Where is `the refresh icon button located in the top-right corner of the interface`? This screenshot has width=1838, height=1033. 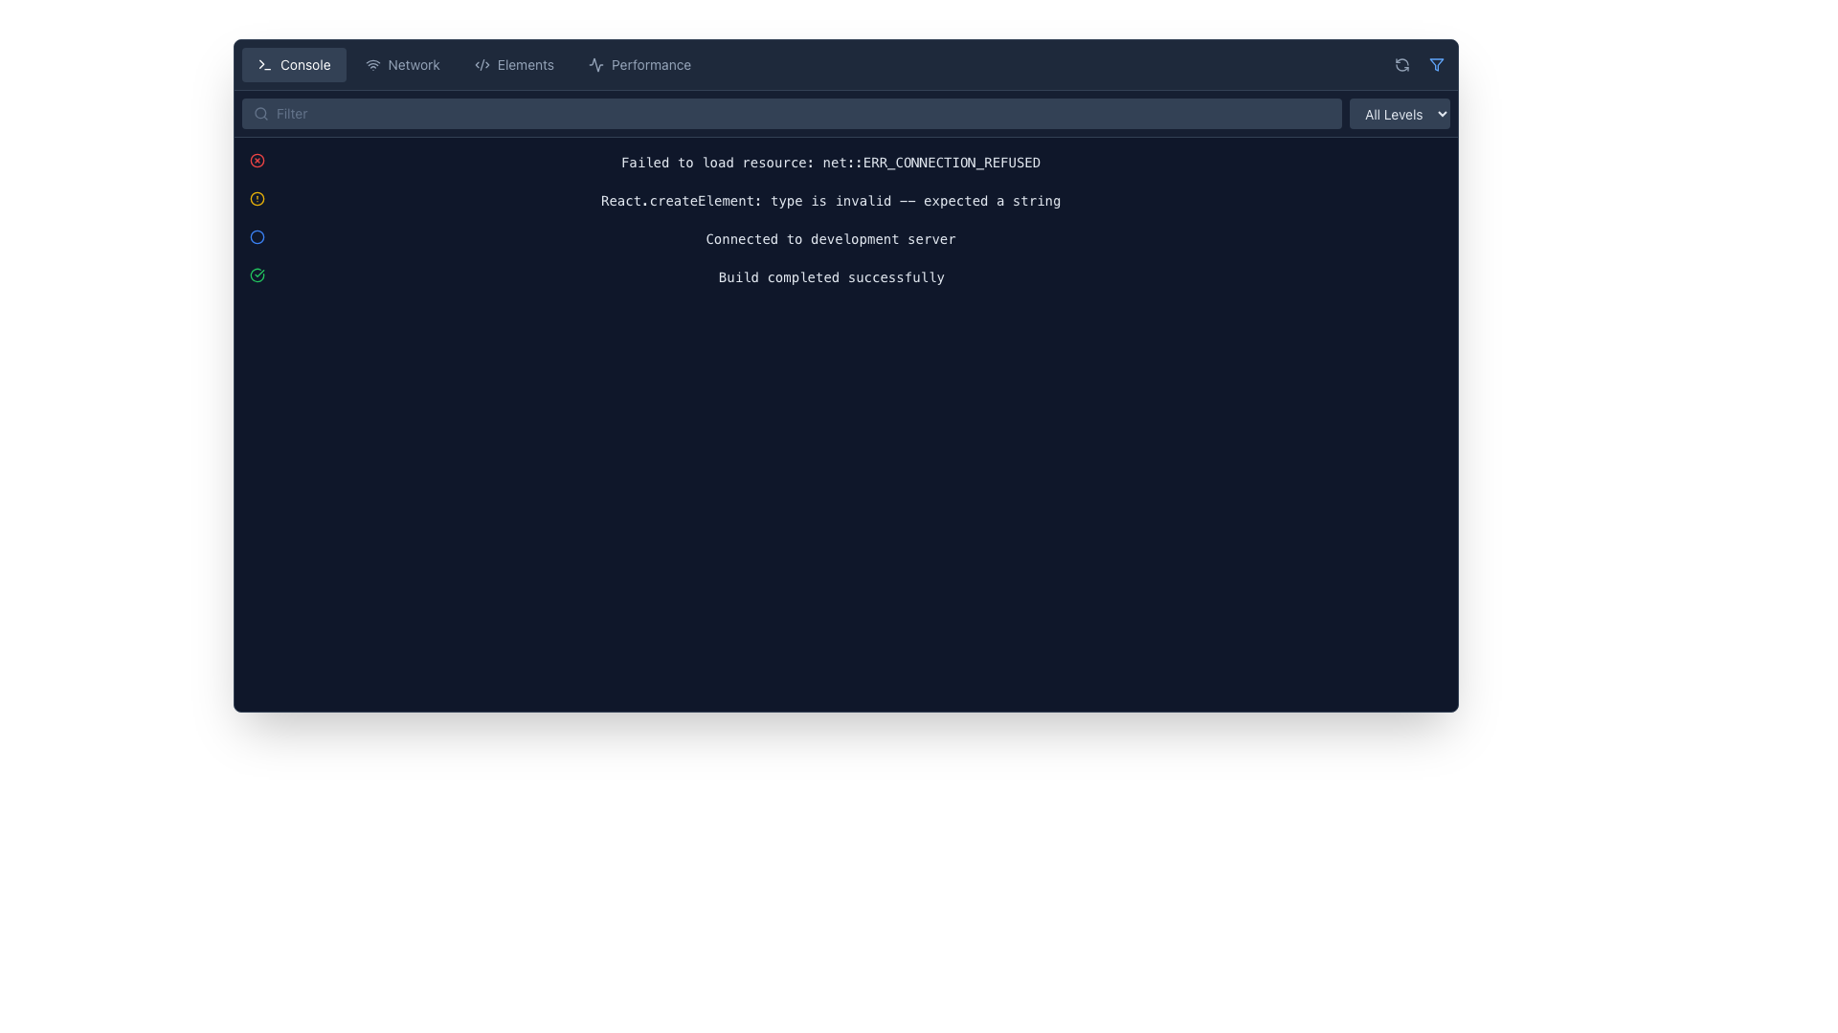
the refresh icon button located in the top-right corner of the interface is located at coordinates (1401, 64).